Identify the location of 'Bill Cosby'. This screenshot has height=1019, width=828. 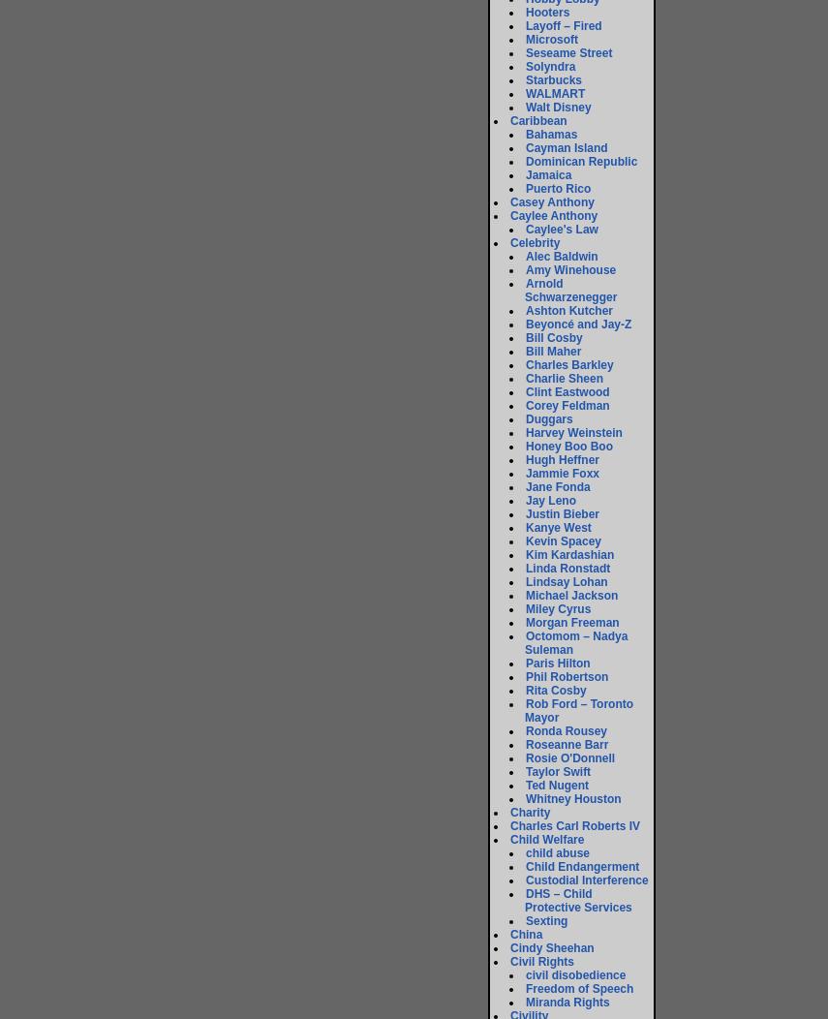
(526, 336).